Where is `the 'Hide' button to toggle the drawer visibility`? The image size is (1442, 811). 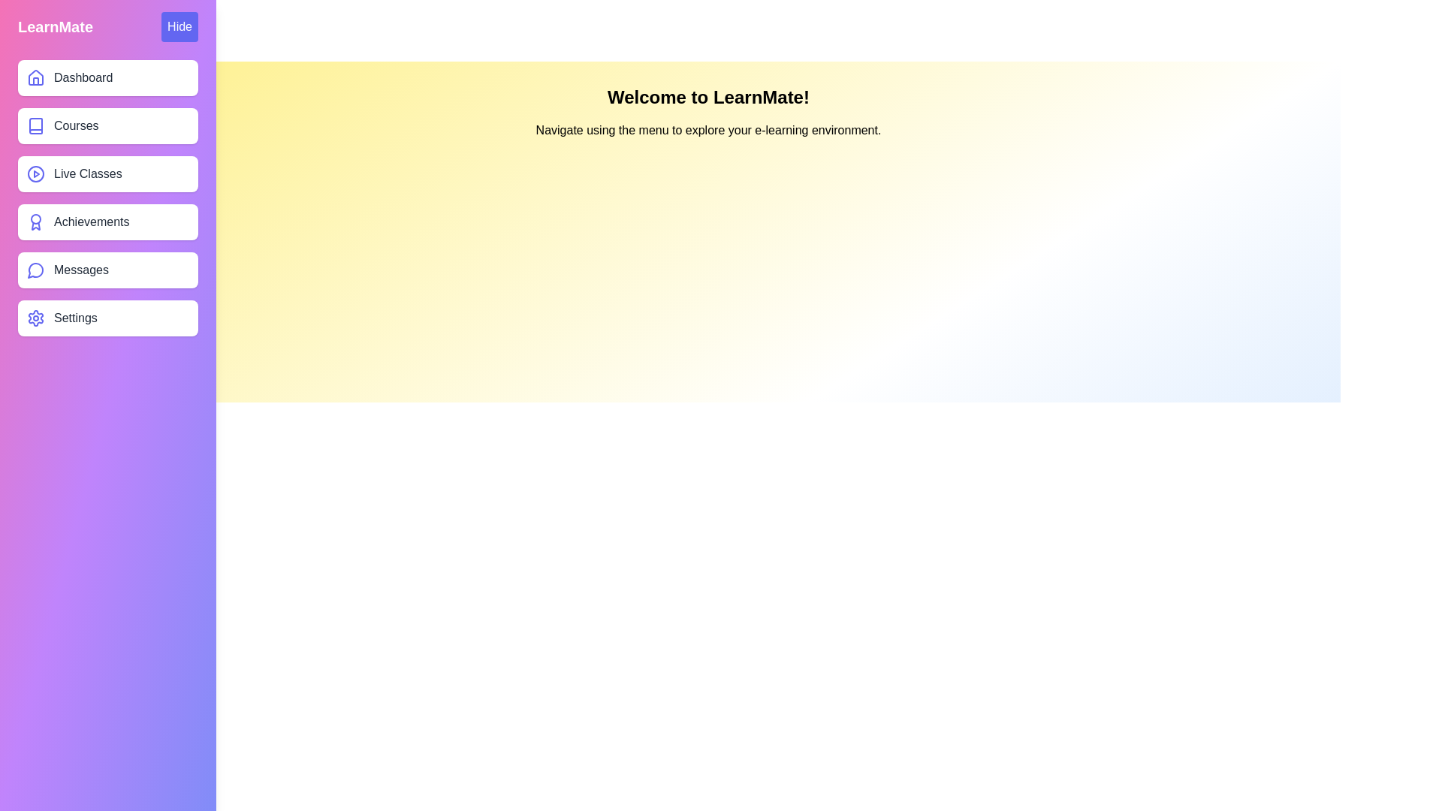
the 'Hide' button to toggle the drawer visibility is located at coordinates (179, 26).